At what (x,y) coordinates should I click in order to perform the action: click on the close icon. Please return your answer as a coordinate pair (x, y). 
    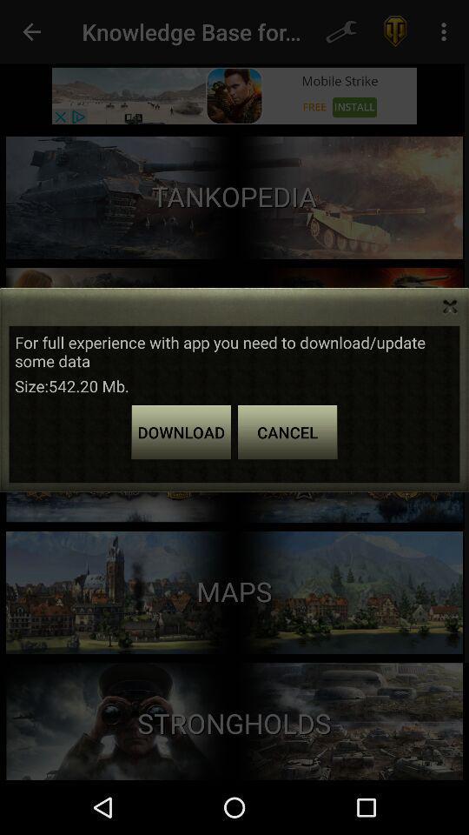
    Looking at the image, I should click on (450, 327).